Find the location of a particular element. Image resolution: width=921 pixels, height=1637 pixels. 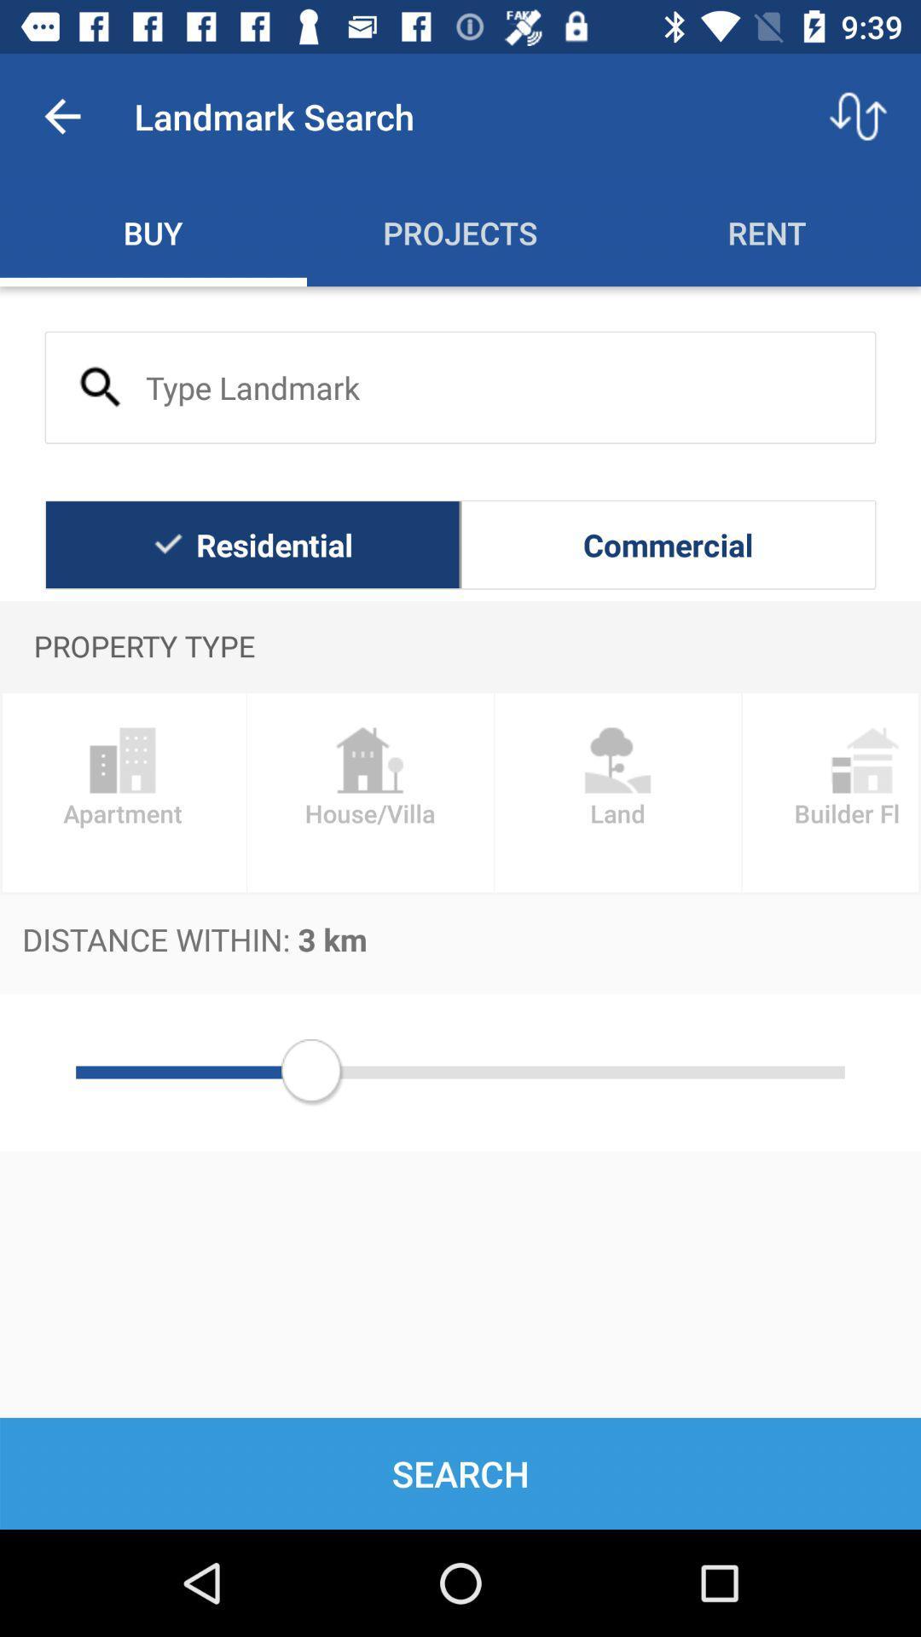

the item above distance within 3 is located at coordinates (617, 791).